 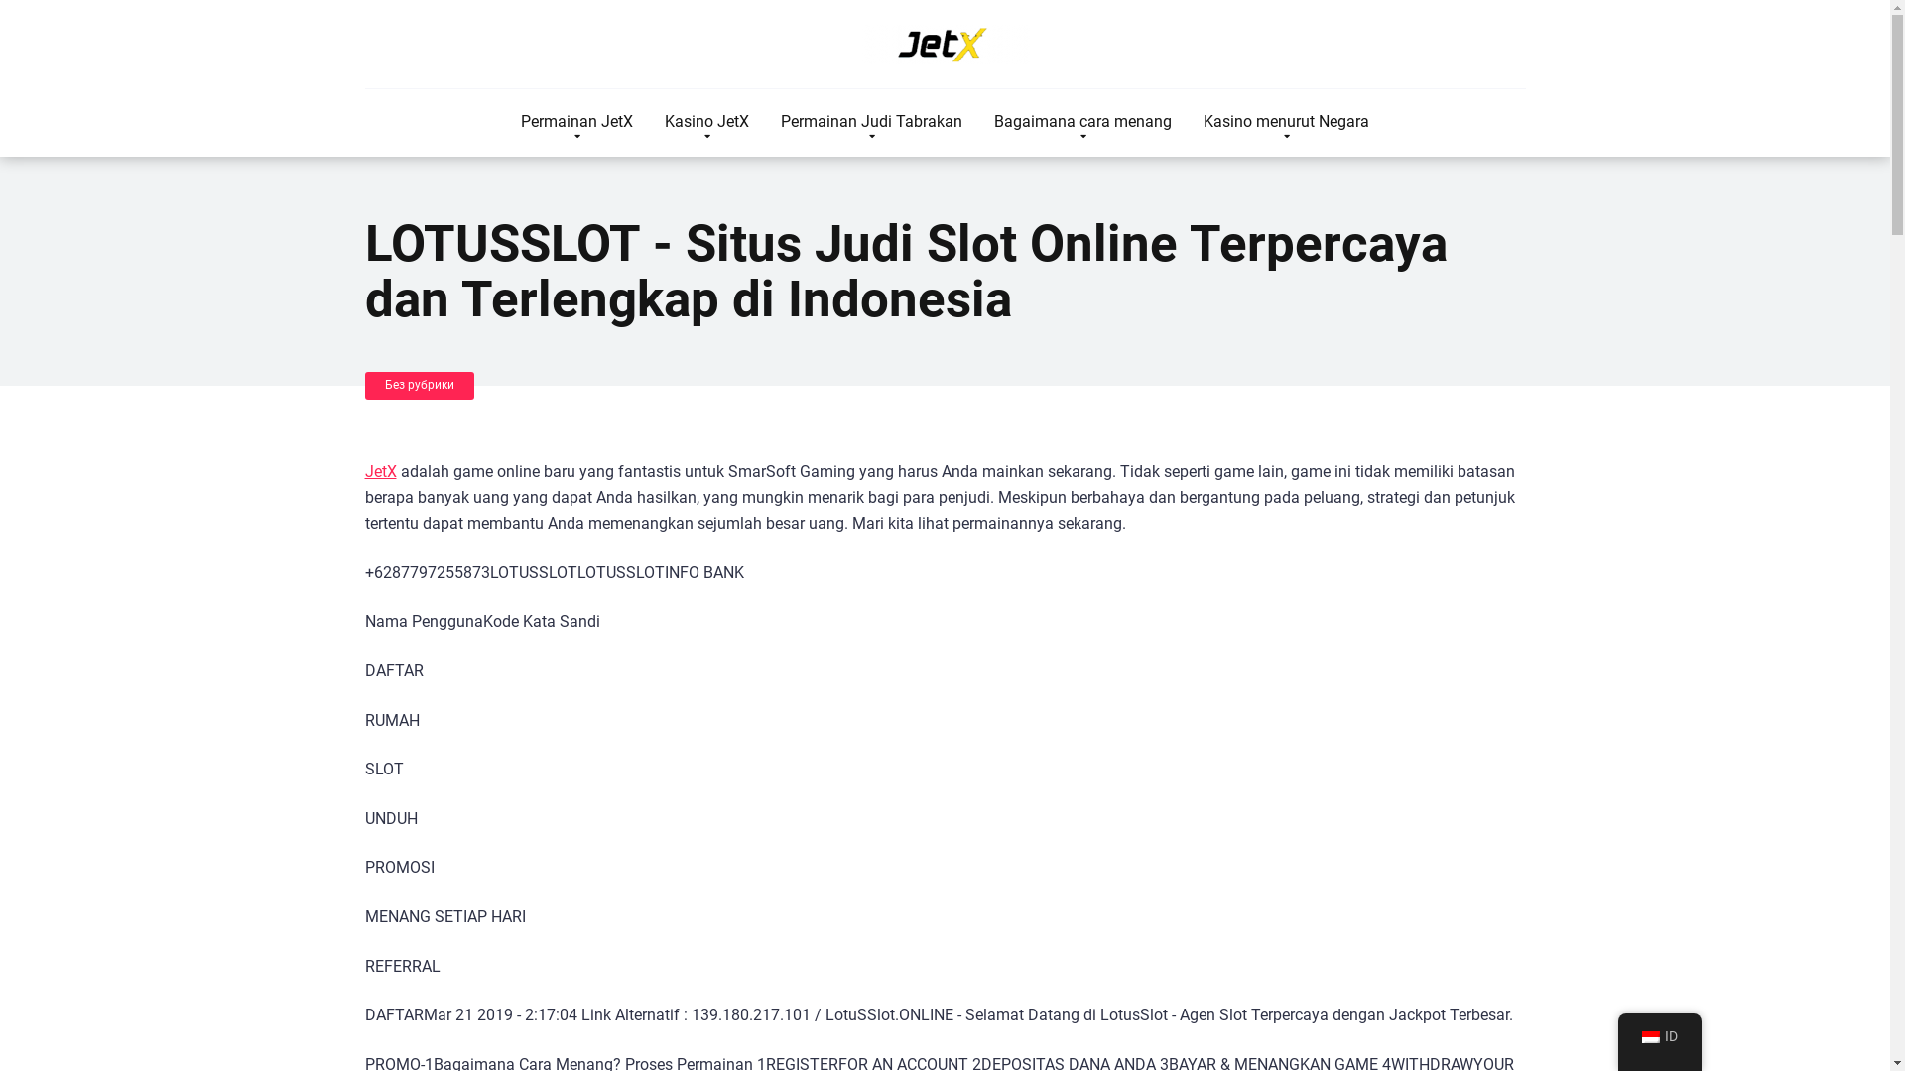 What do you see at coordinates (575, 122) in the screenshot?
I see `'Permainan JetX'` at bounding box center [575, 122].